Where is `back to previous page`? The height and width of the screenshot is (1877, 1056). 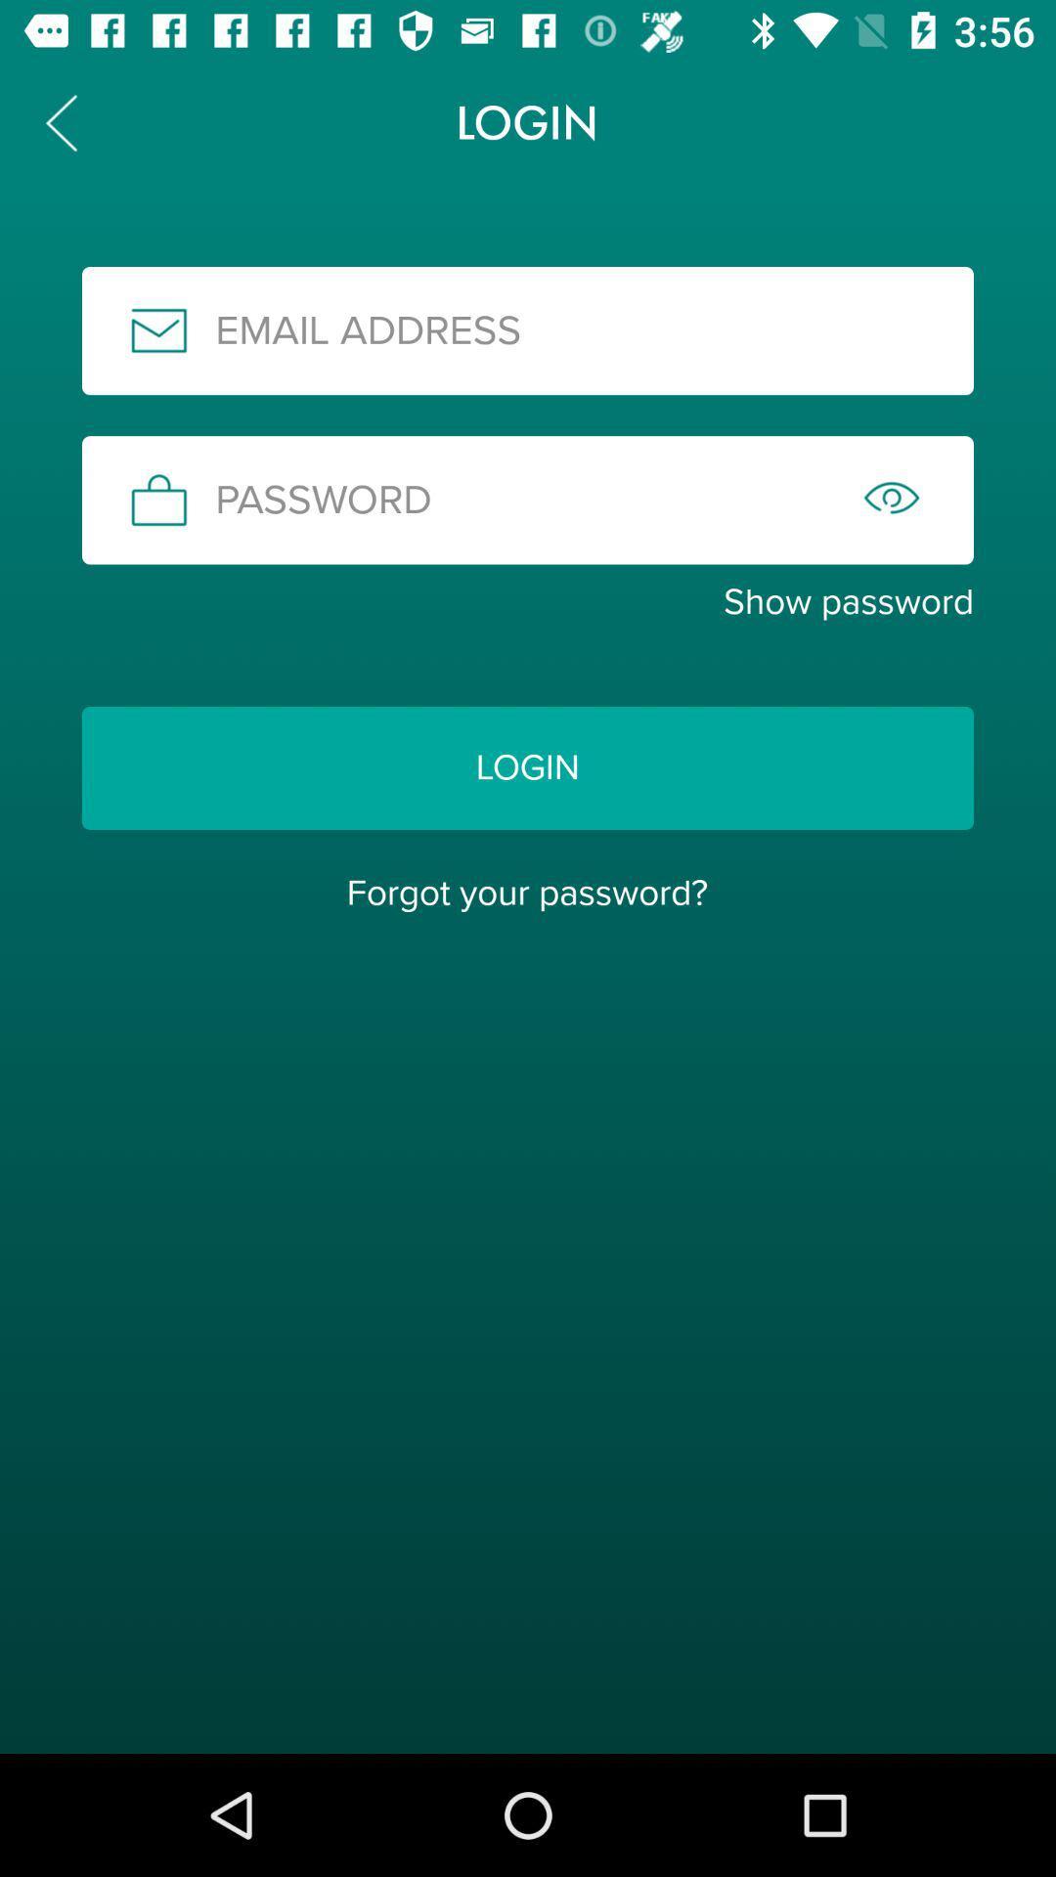
back to previous page is located at coordinates (60, 121).